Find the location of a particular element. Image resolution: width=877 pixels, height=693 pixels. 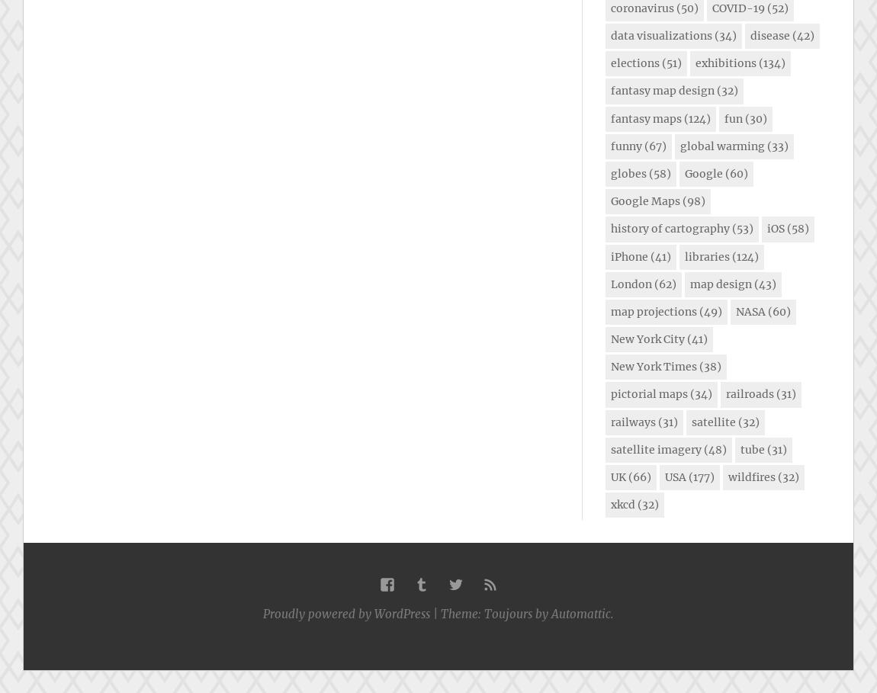

'disease' is located at coordinates (770, 35).